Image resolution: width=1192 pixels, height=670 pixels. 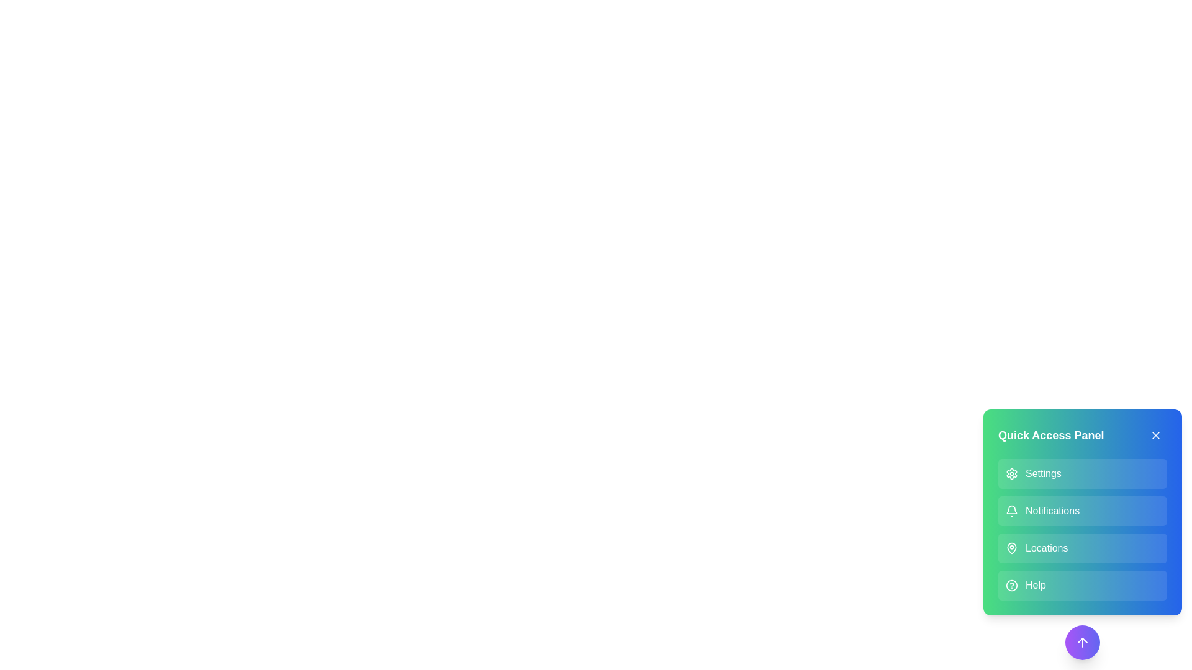 What do you see at coordinates (1012, 473) in the screenshot?
I see `the gear-like icon representing 'Settings' in the Quick Access Panel, which is the first icon aligned to the left of the text` at bounding box center [1012, 473].